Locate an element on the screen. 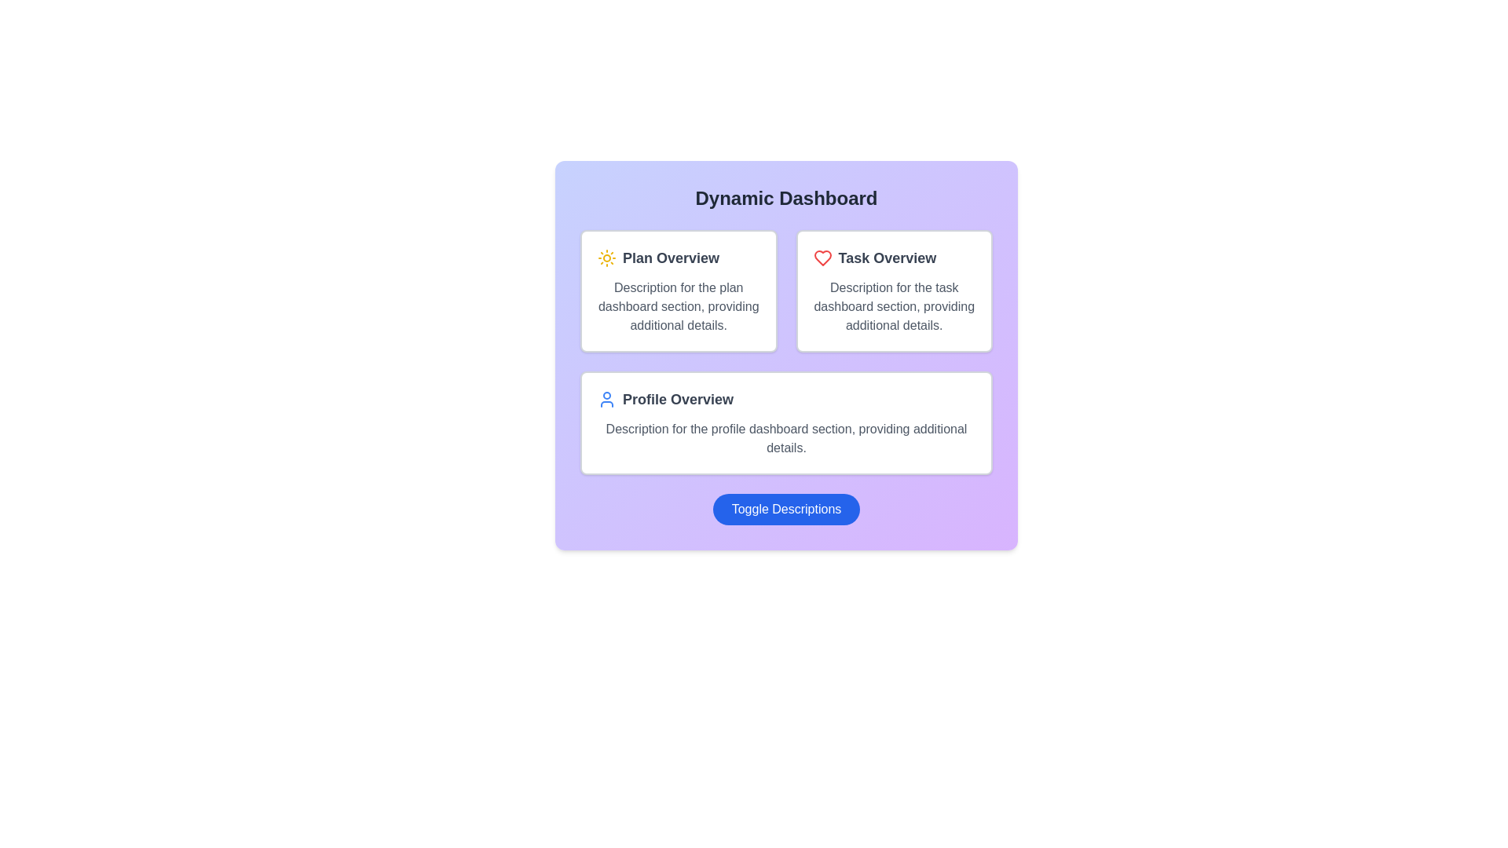 Image resolution: width=1508 pixels, height=848 pixels. the static text element that reads 'Description for the plan dashboard section, providing additional details.' located beneath the 'Plan Overview' title in the Plan Overview card is located at coordinates (679, 306).